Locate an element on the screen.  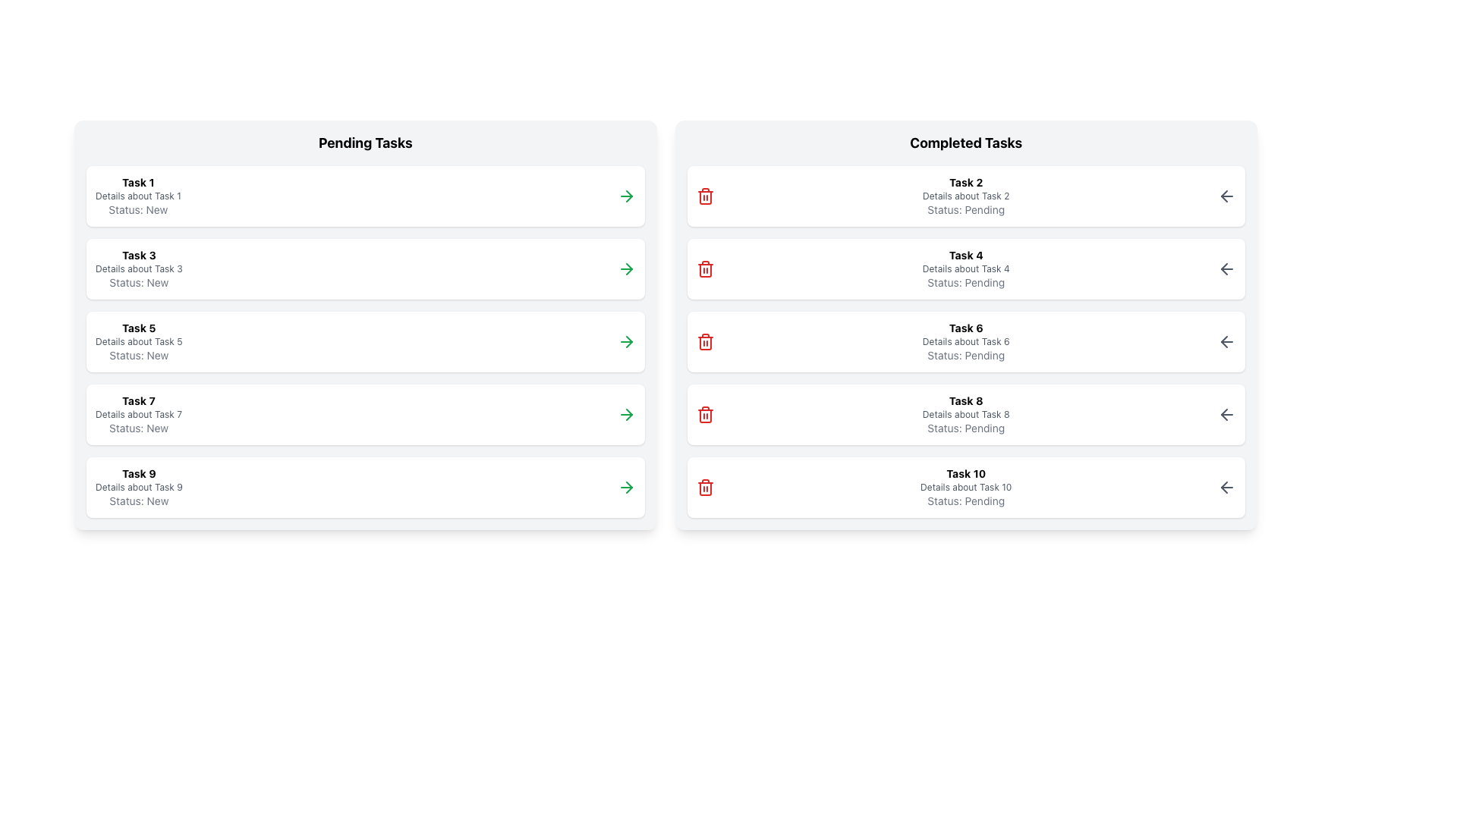
the descriptive text located below the 'Task 6' header and above the 'Status: Pending' text in the third task card of the 'Completed Tasks' column is located at coordinates (965, 342).